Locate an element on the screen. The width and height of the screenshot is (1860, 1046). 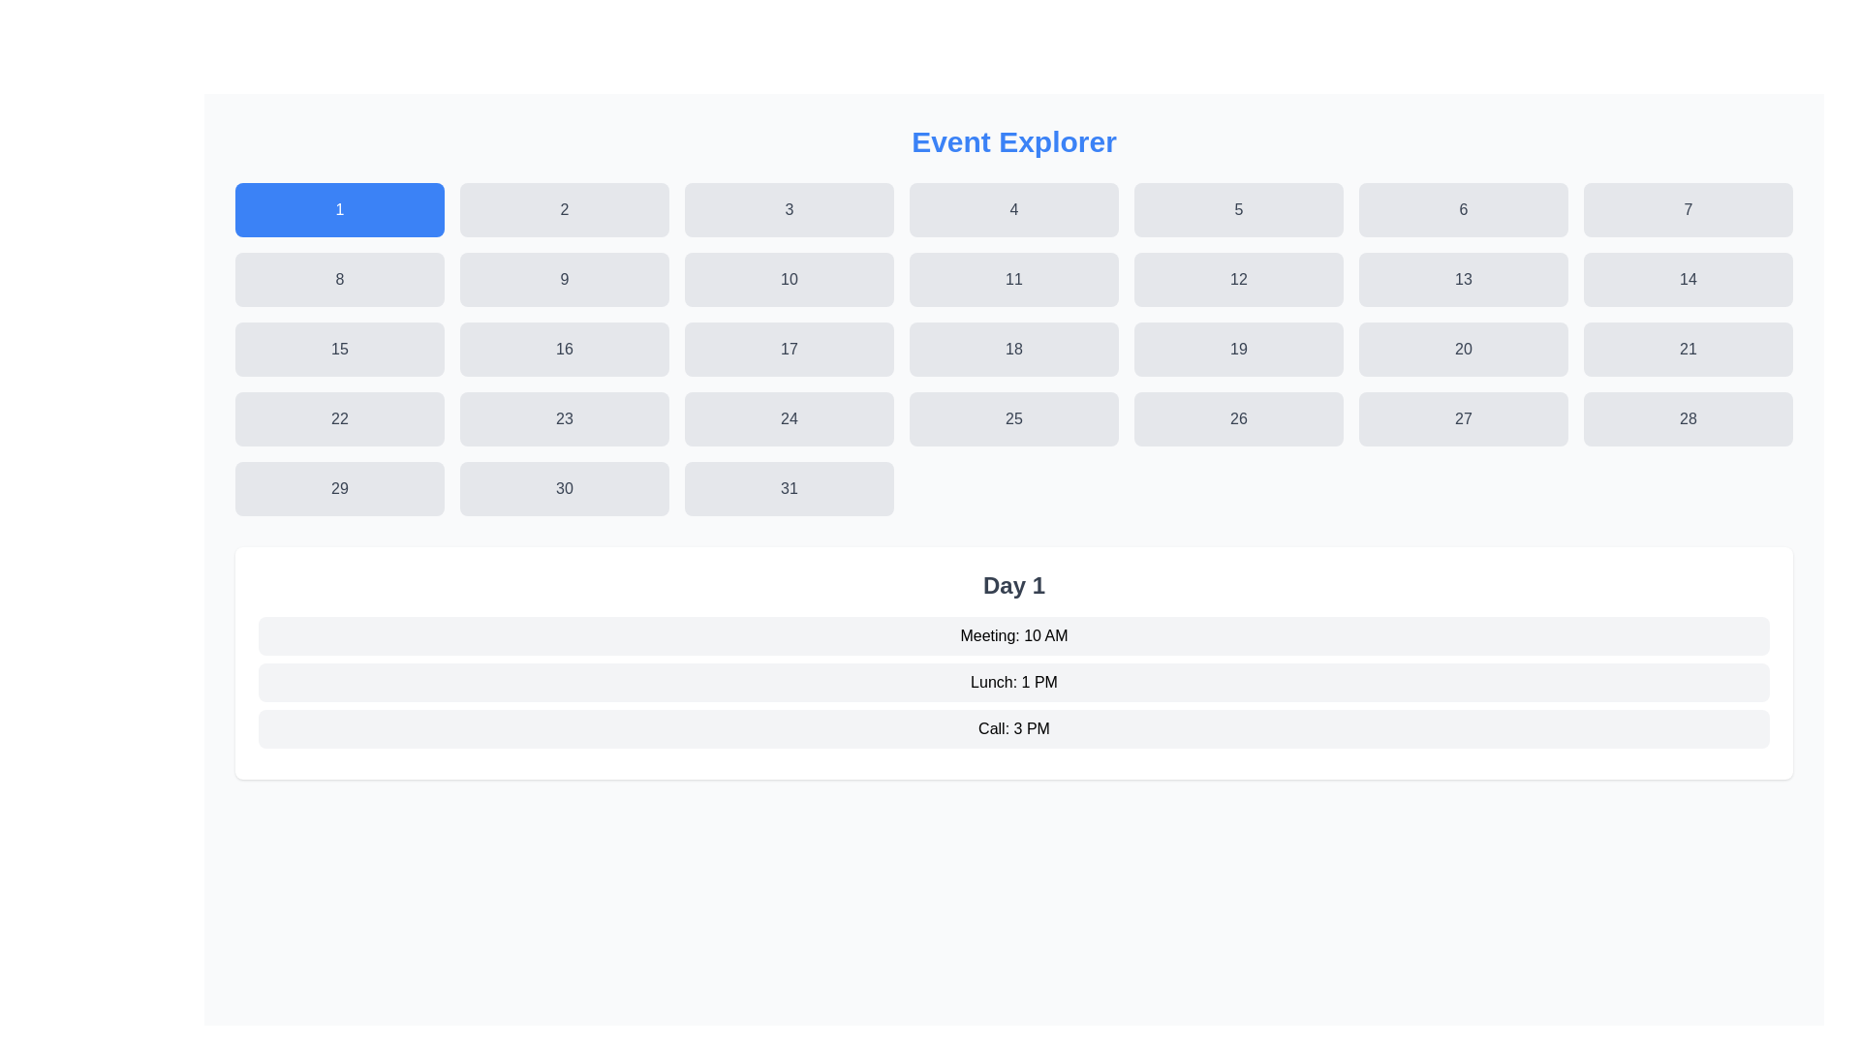
the selectable button corresponding to the number '6' located in the topmost row of the grid layout, flanked by buttons '5' and '7' is located at coordinates (1464, 209).